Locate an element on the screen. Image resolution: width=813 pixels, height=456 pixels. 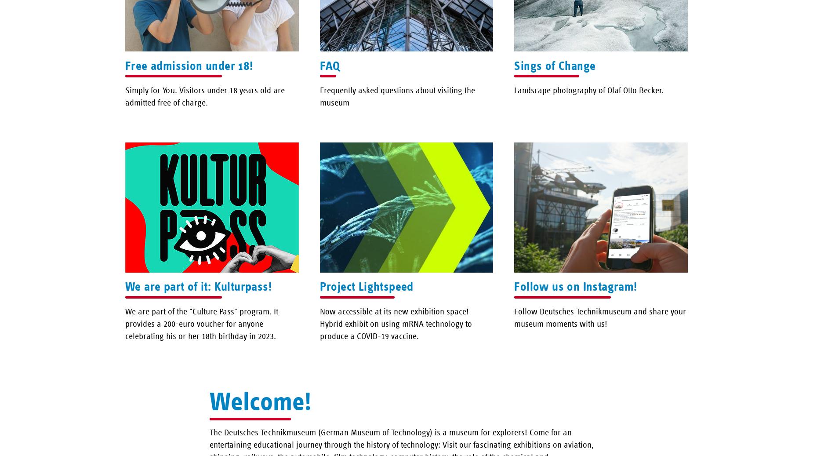
'Now accessible at its new exhibition space! Hybrid exhibit on using mRNA technology to produce a COVID-19 vaccine.' is located at coordinates (396, 324).